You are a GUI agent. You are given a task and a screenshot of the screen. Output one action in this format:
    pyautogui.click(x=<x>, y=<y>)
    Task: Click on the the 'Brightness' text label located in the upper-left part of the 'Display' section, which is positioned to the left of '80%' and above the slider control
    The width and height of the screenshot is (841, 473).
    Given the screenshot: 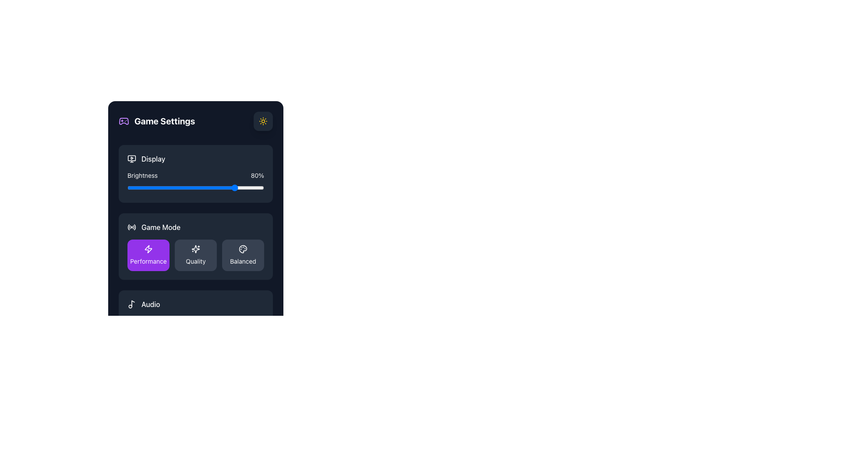 What is the action you would take?
    pyautogui.click(x=142, y=176)
    